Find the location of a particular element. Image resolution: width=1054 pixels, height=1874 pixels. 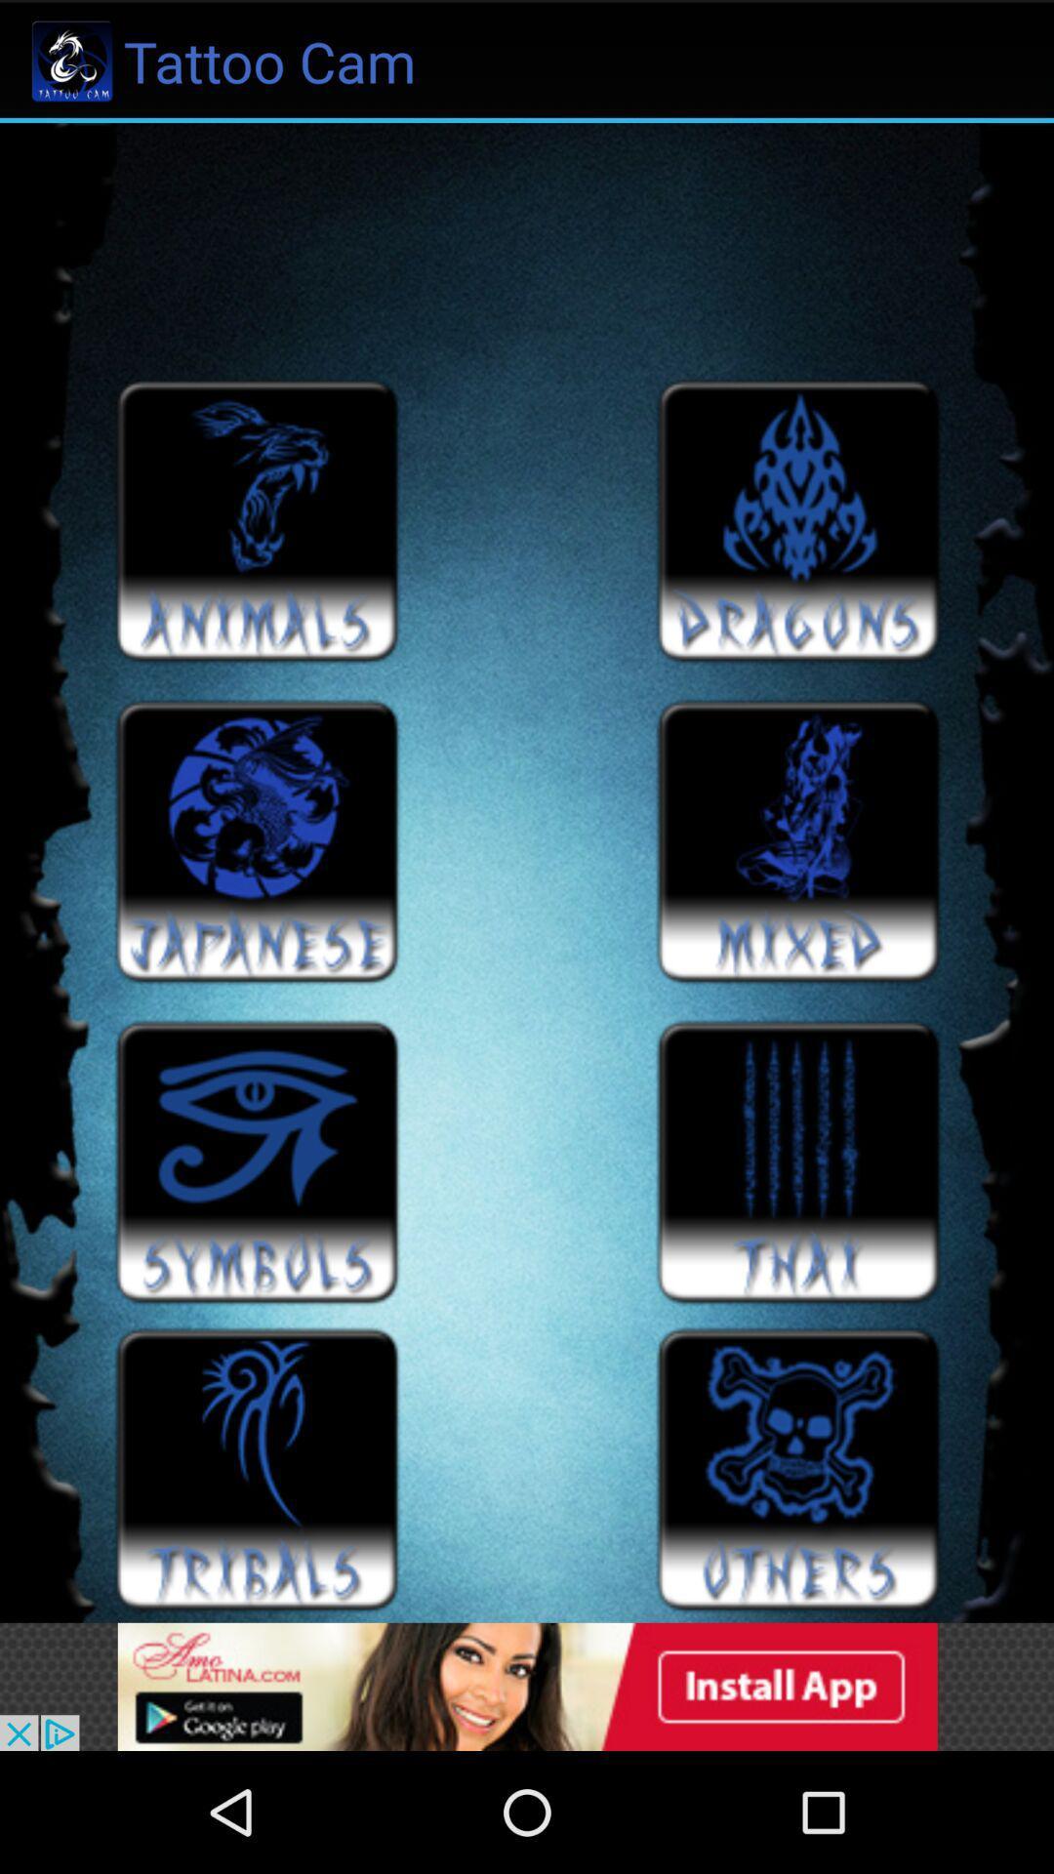

advertisement is located at coordinates (527, 1686).